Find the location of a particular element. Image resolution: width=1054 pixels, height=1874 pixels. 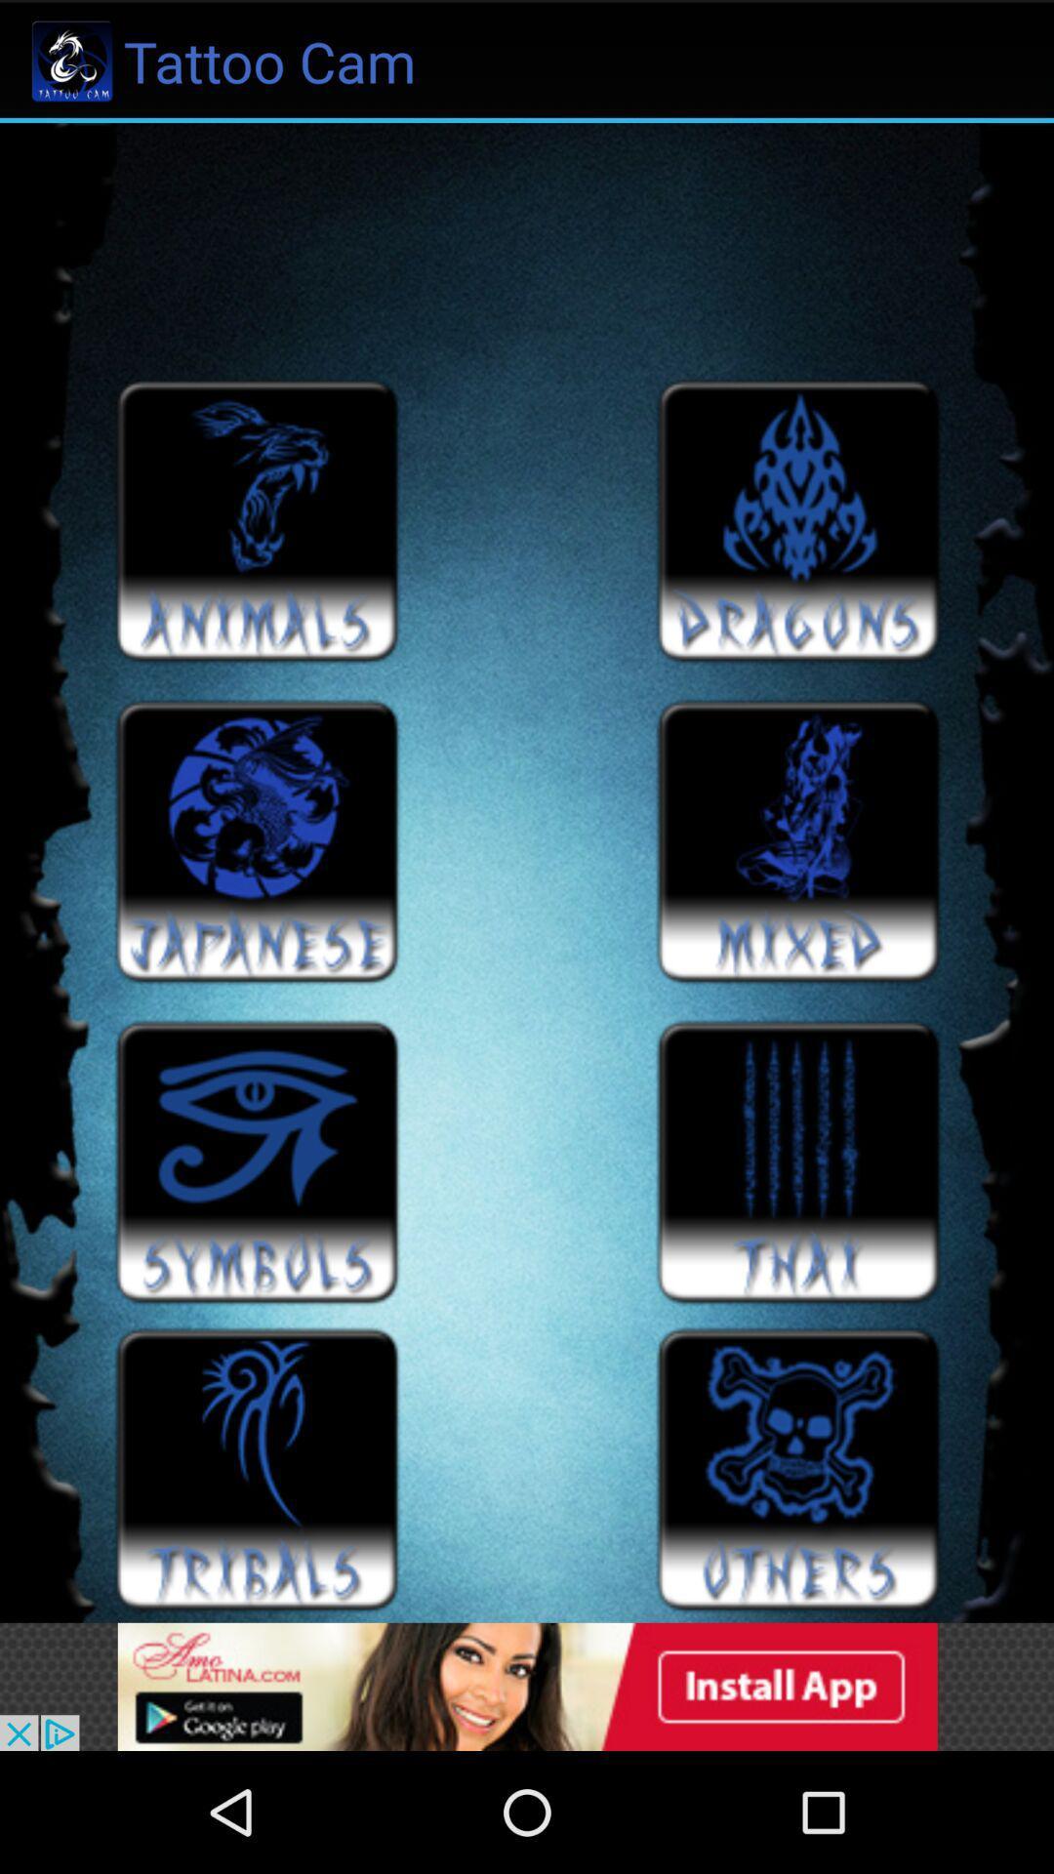

advertisement is located at coordinates (527, 1686).